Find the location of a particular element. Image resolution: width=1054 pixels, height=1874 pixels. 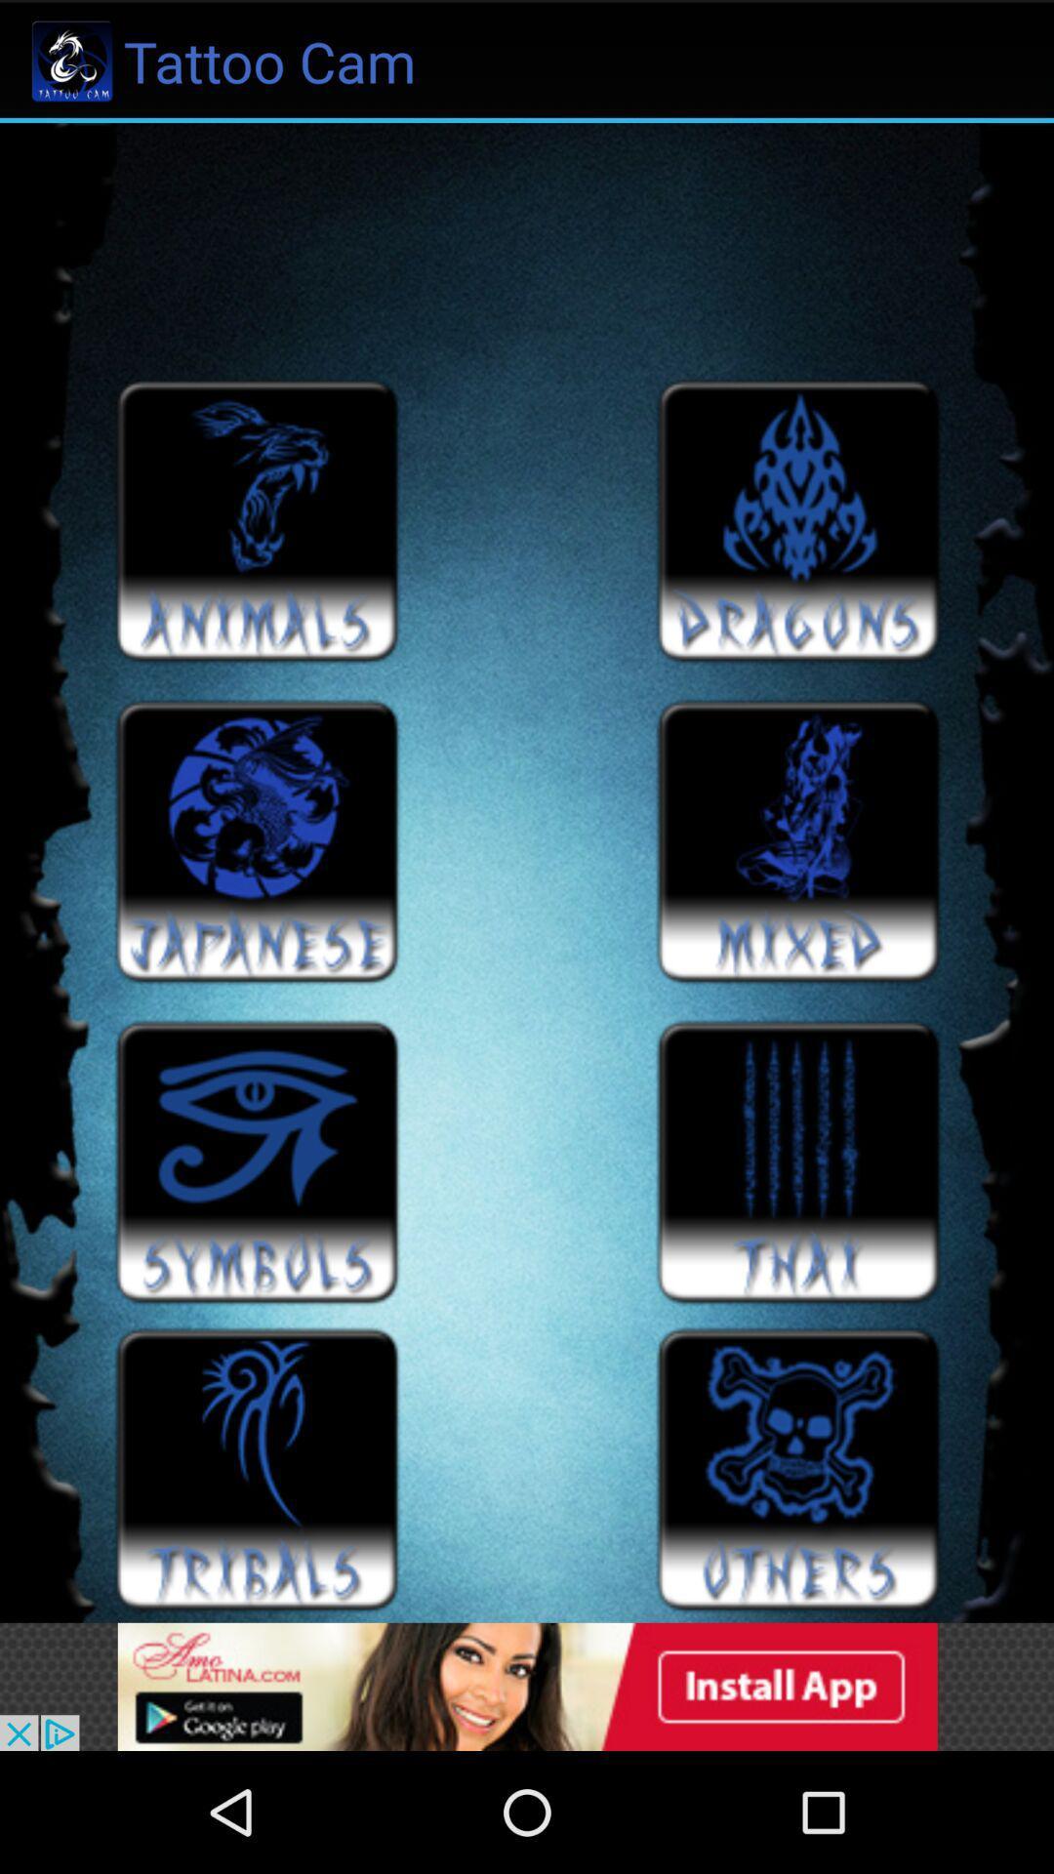

advertisement is located at coordinates (527, 1686).